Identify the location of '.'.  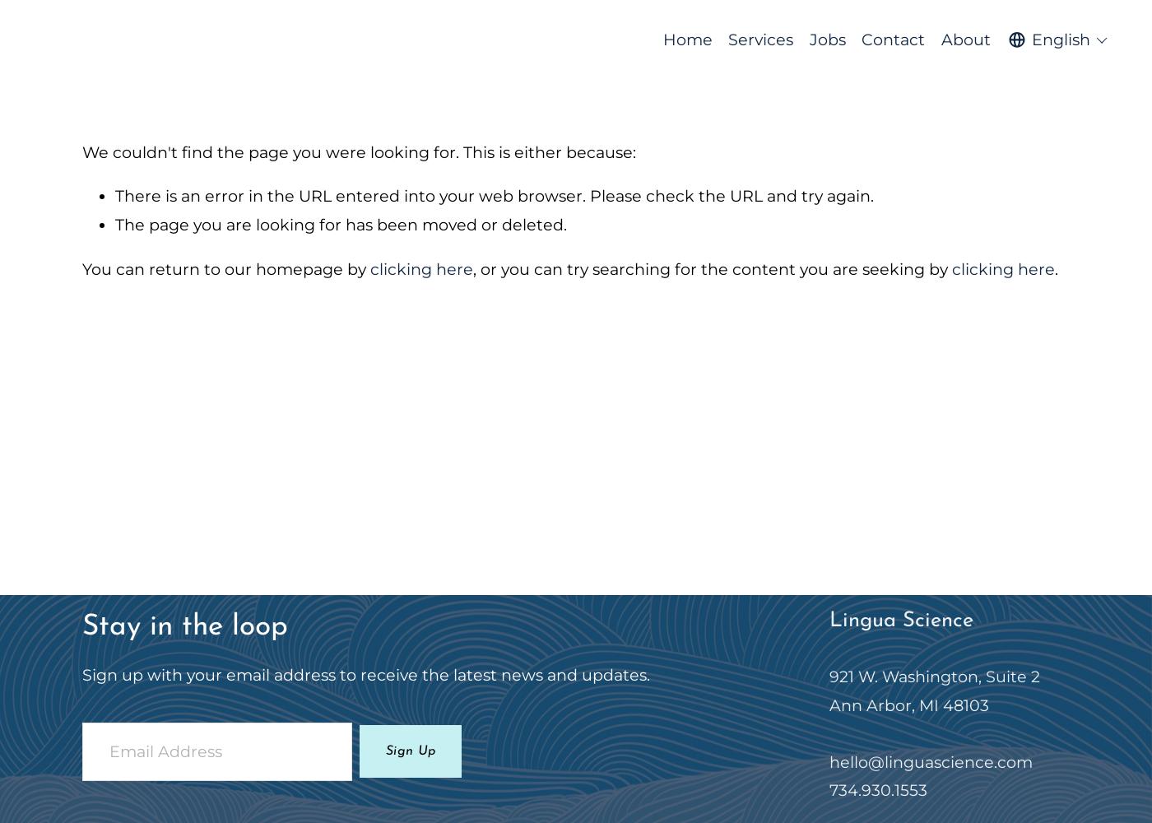
(1056, 267).